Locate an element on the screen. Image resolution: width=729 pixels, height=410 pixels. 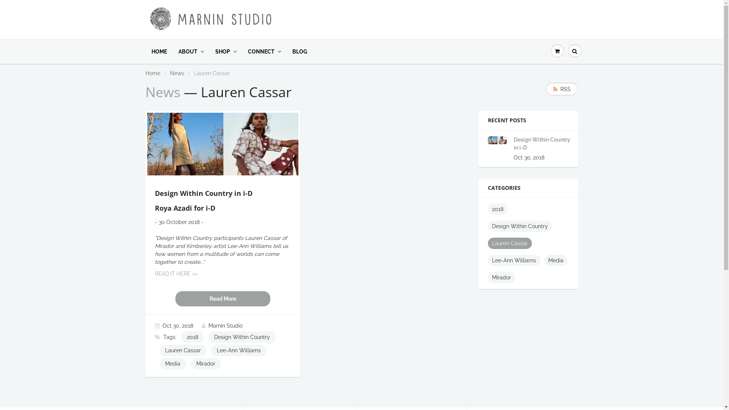
'News' is located at coordinates (177, 73).